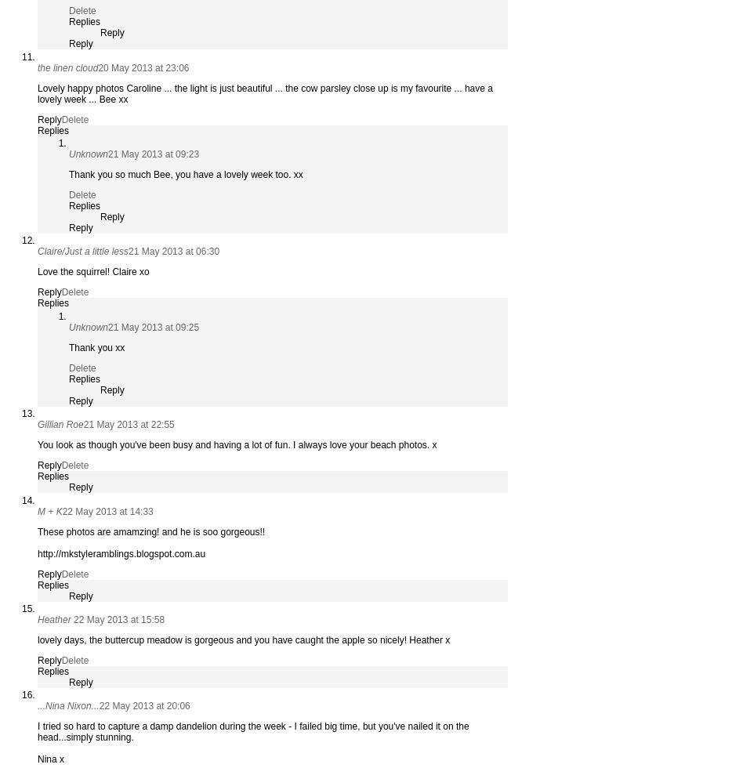 The image size is (743, 768). I want to click on 'lovely days, the buttercup meadow is gorgeous and you have caught the apple so nicely! Heather x', so click(37, 640).